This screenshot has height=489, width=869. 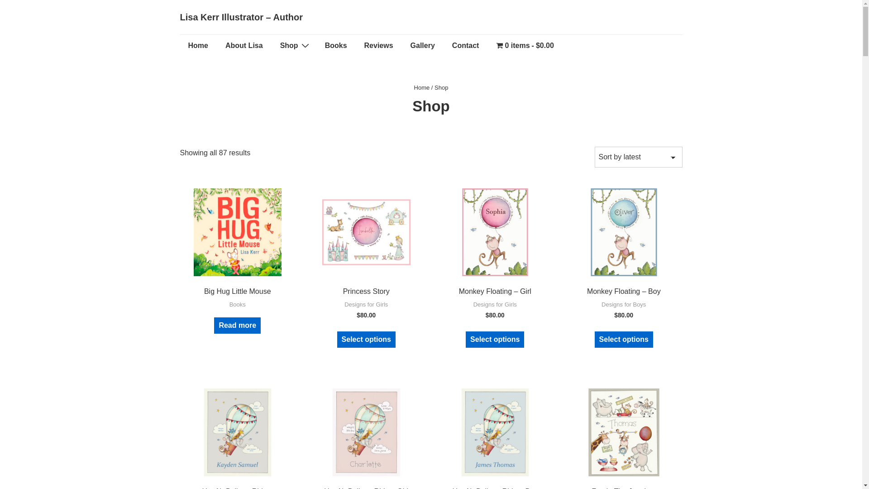 I want to click on 'Contact', so click(x=465, y=45).